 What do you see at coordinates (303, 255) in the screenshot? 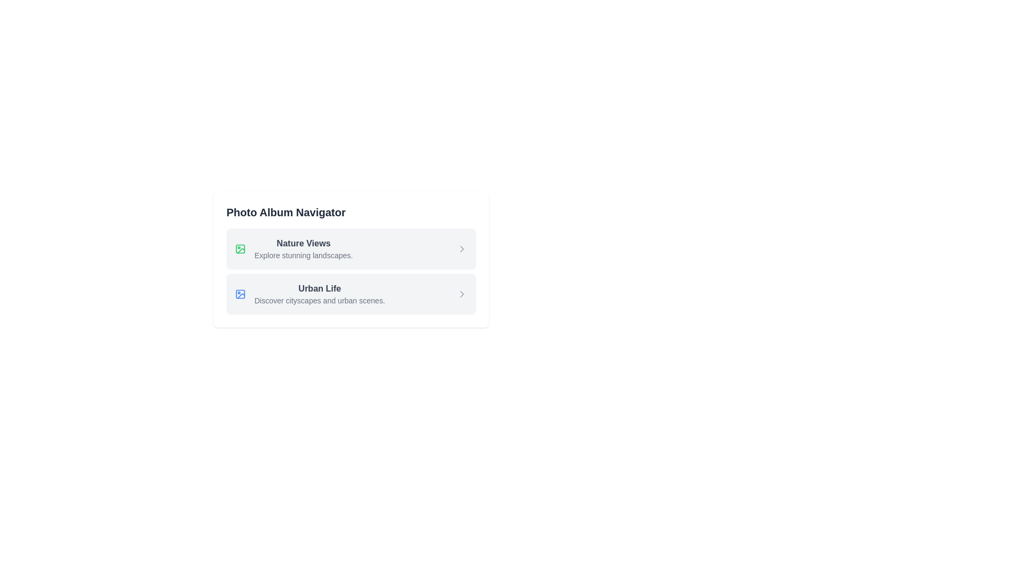
I see `the static text label reading 'Explore stunning landscapes.' which is styled with a smaller gray font and located below the bold text 'Nature Views'` at bounding box center [303, 255].